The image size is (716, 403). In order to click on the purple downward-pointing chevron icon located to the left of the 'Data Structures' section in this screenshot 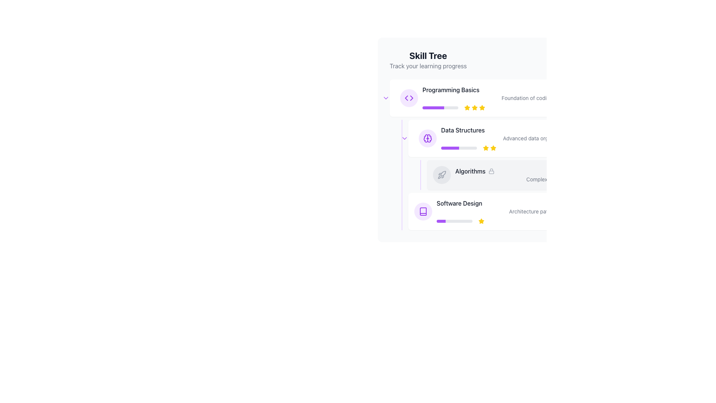, I will do `click(404, 138)`.